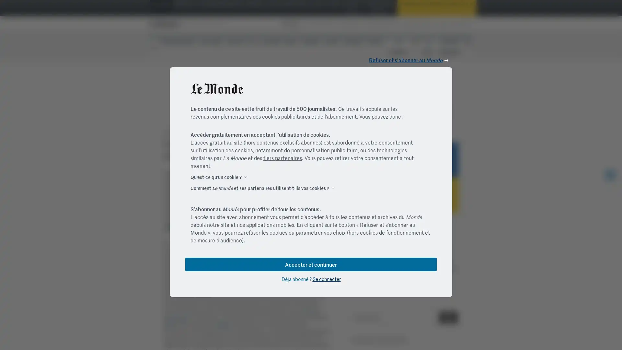 The height and width of the screenshot is (350, 622). What do you see at coordinates (448, 317) in the screenshot?
I see `Recherche` at bounding box center [448, 317].